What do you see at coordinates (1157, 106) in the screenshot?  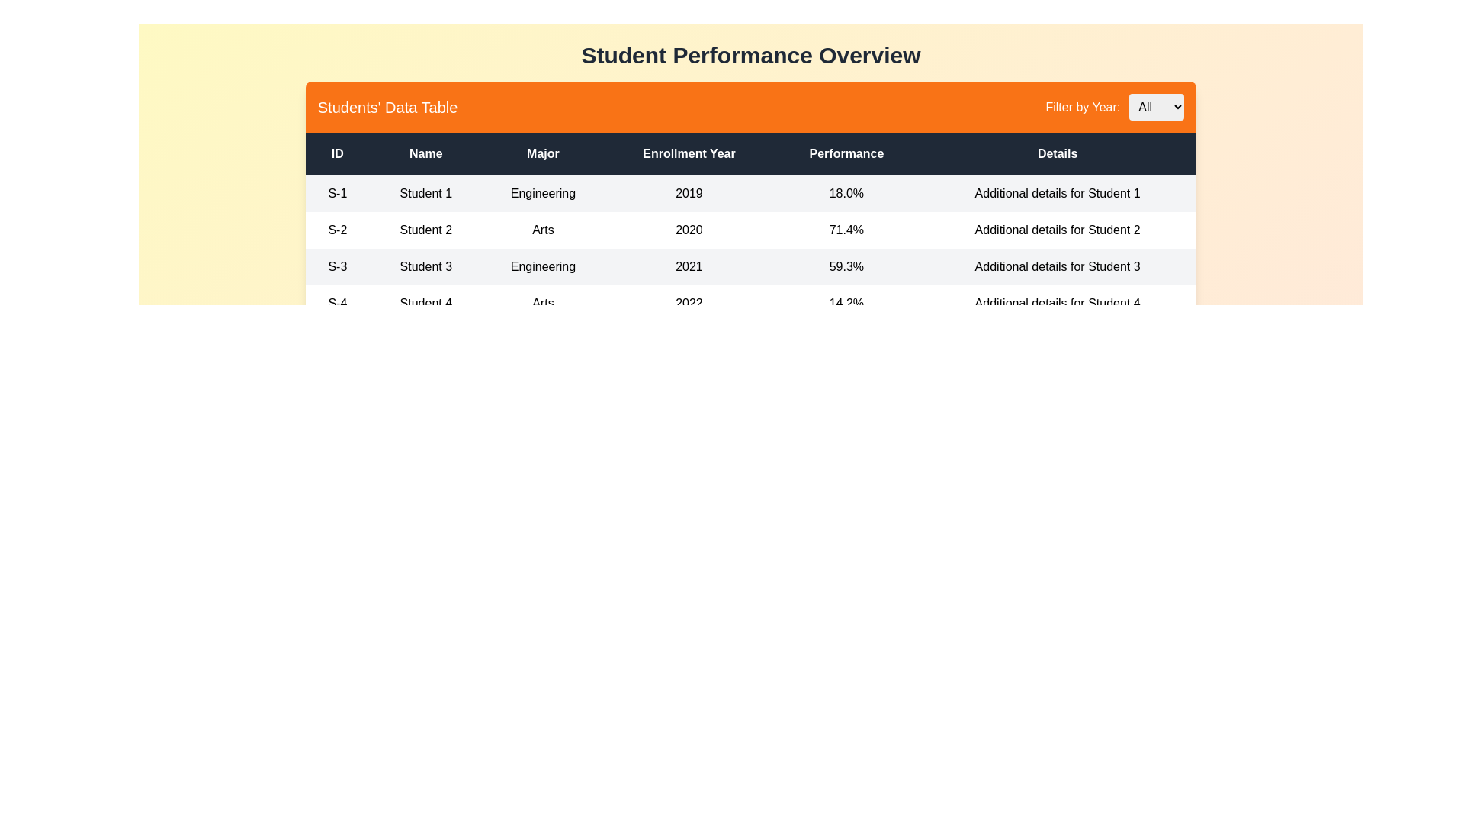 I see `the year All from the dropdown to filter the table` at bounding box center [1157, 106].